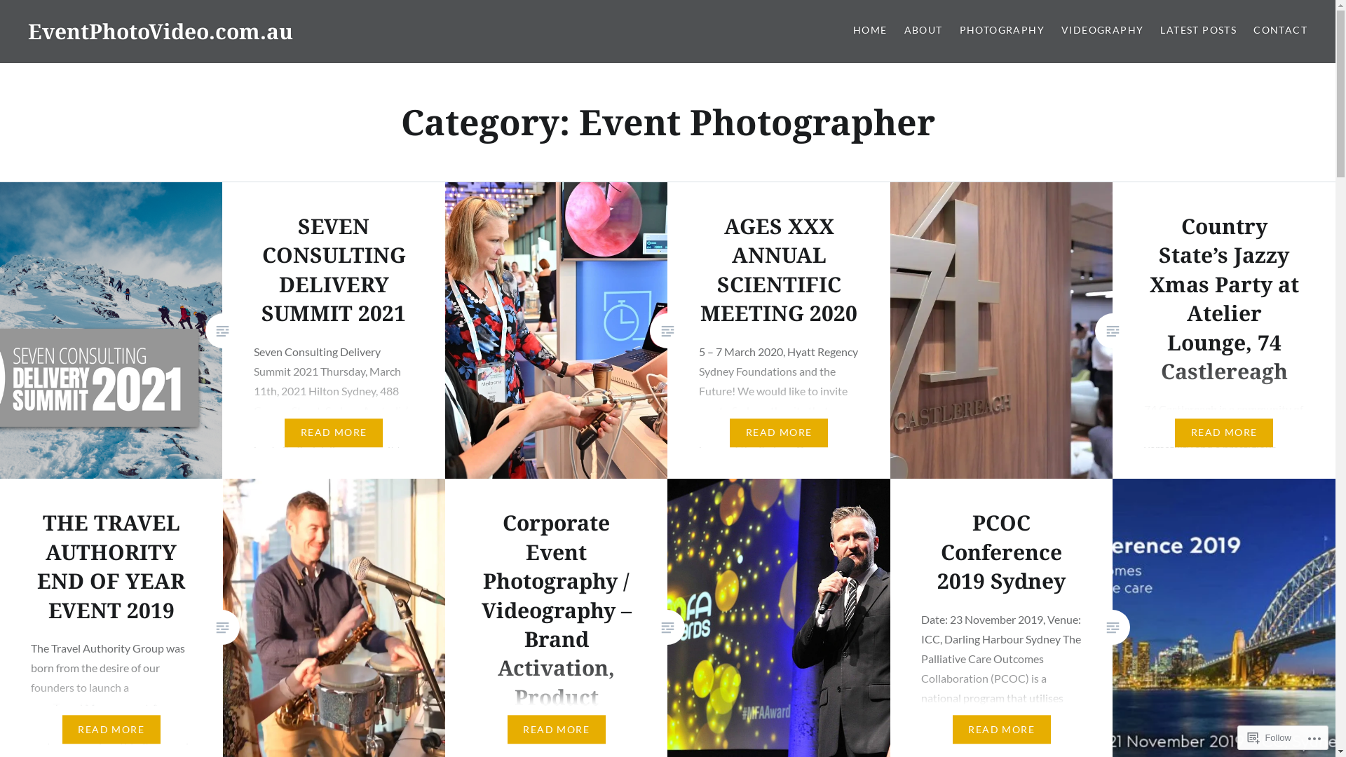 This screenshot has height=757, width=1346. Describe the element at coordinates (777, 269) in the screenshot. I see `'AGES XXX ANNUAL SCIENTIFIC MEETING 2020'` at that location.